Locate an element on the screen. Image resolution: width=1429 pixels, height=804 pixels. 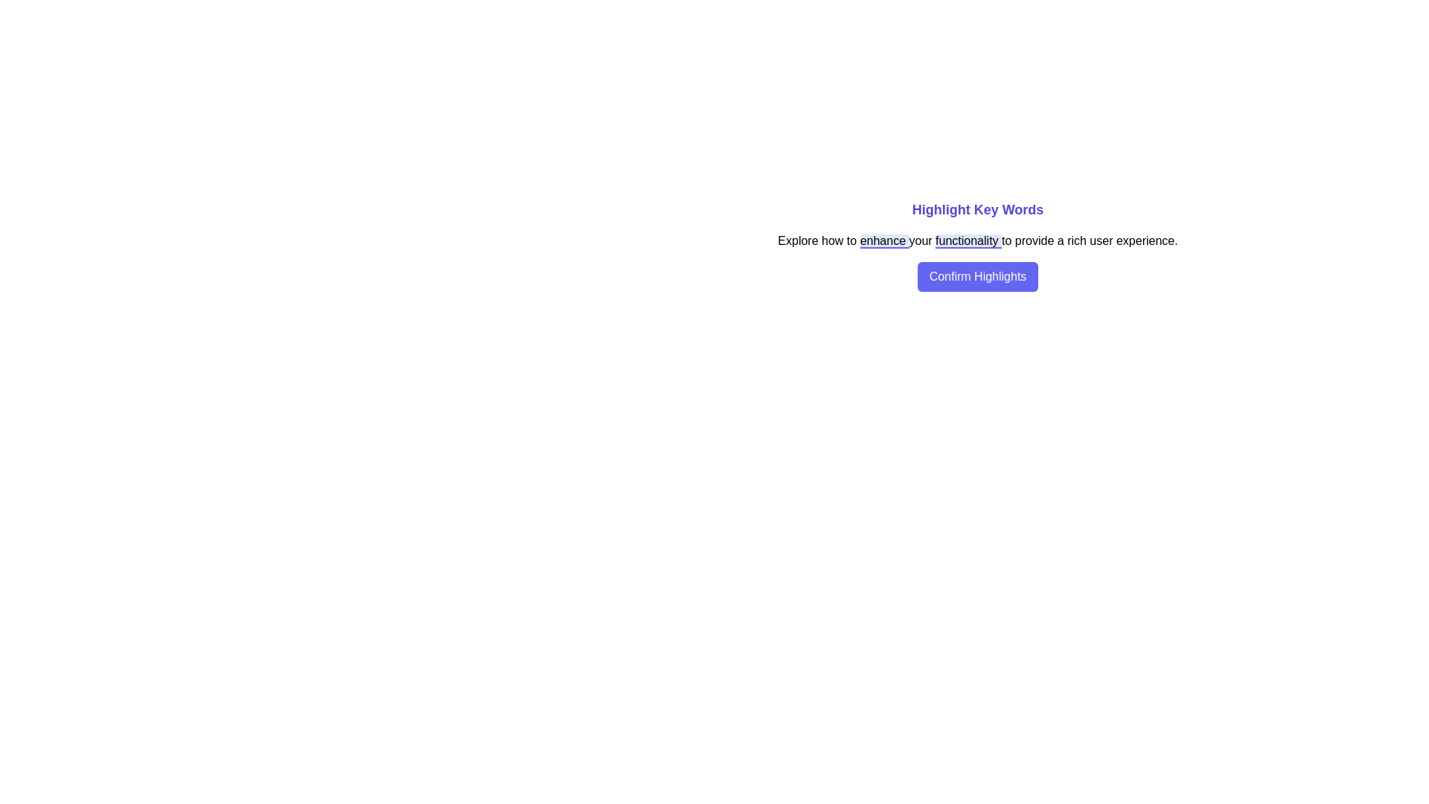
the informative text paragraph located in the modal, which provides guidance related to the functionality of highlighting key words is located at coordinates (978, 245).